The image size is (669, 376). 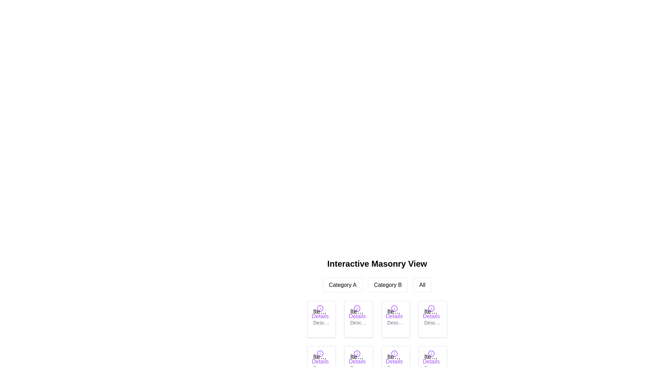 I want to click on outlined circle SVG element located in the third item of the first row in the masonry grid layout for debugging purposes, so click(x=394, y=308).